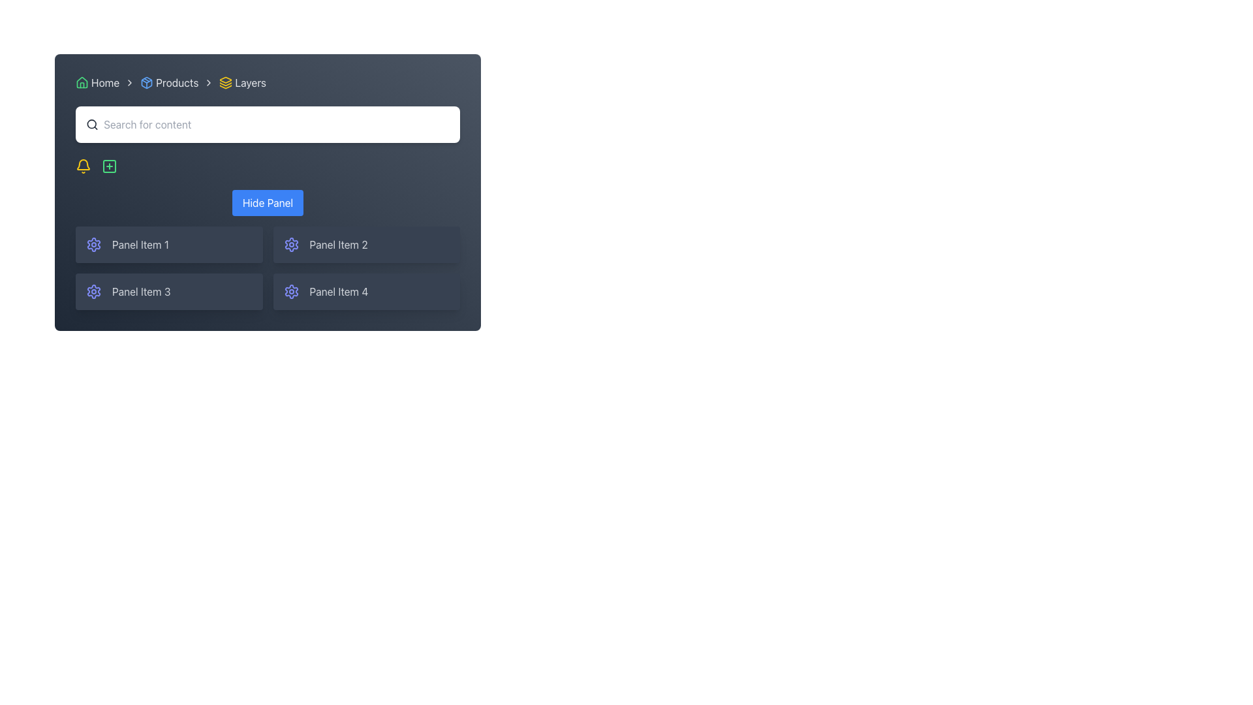 The height and width of the screenshot is (705, 1253). What do you see at coordinates (339, 291) in the screenshot?
I see `text label located in the bottom right corner of the grid layout, specifically the fourth item under 'Panel Item 2'` at bounding box center [339, 291].